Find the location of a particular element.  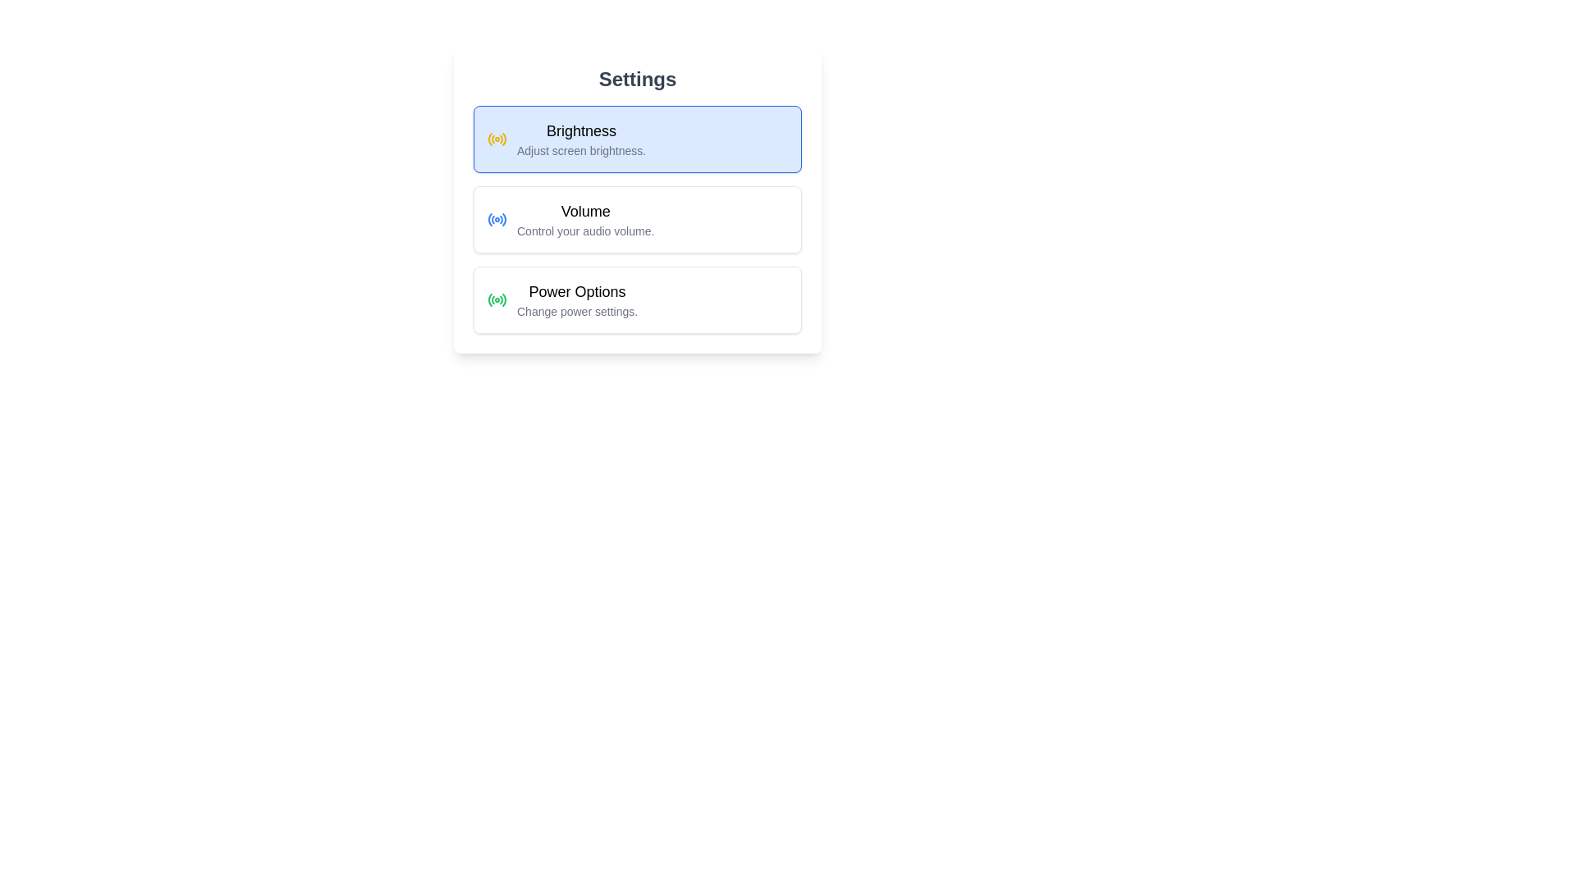

information from the 'Power Options' label which is centrally aligned in the settings interface is located at coordinates (577, 290).